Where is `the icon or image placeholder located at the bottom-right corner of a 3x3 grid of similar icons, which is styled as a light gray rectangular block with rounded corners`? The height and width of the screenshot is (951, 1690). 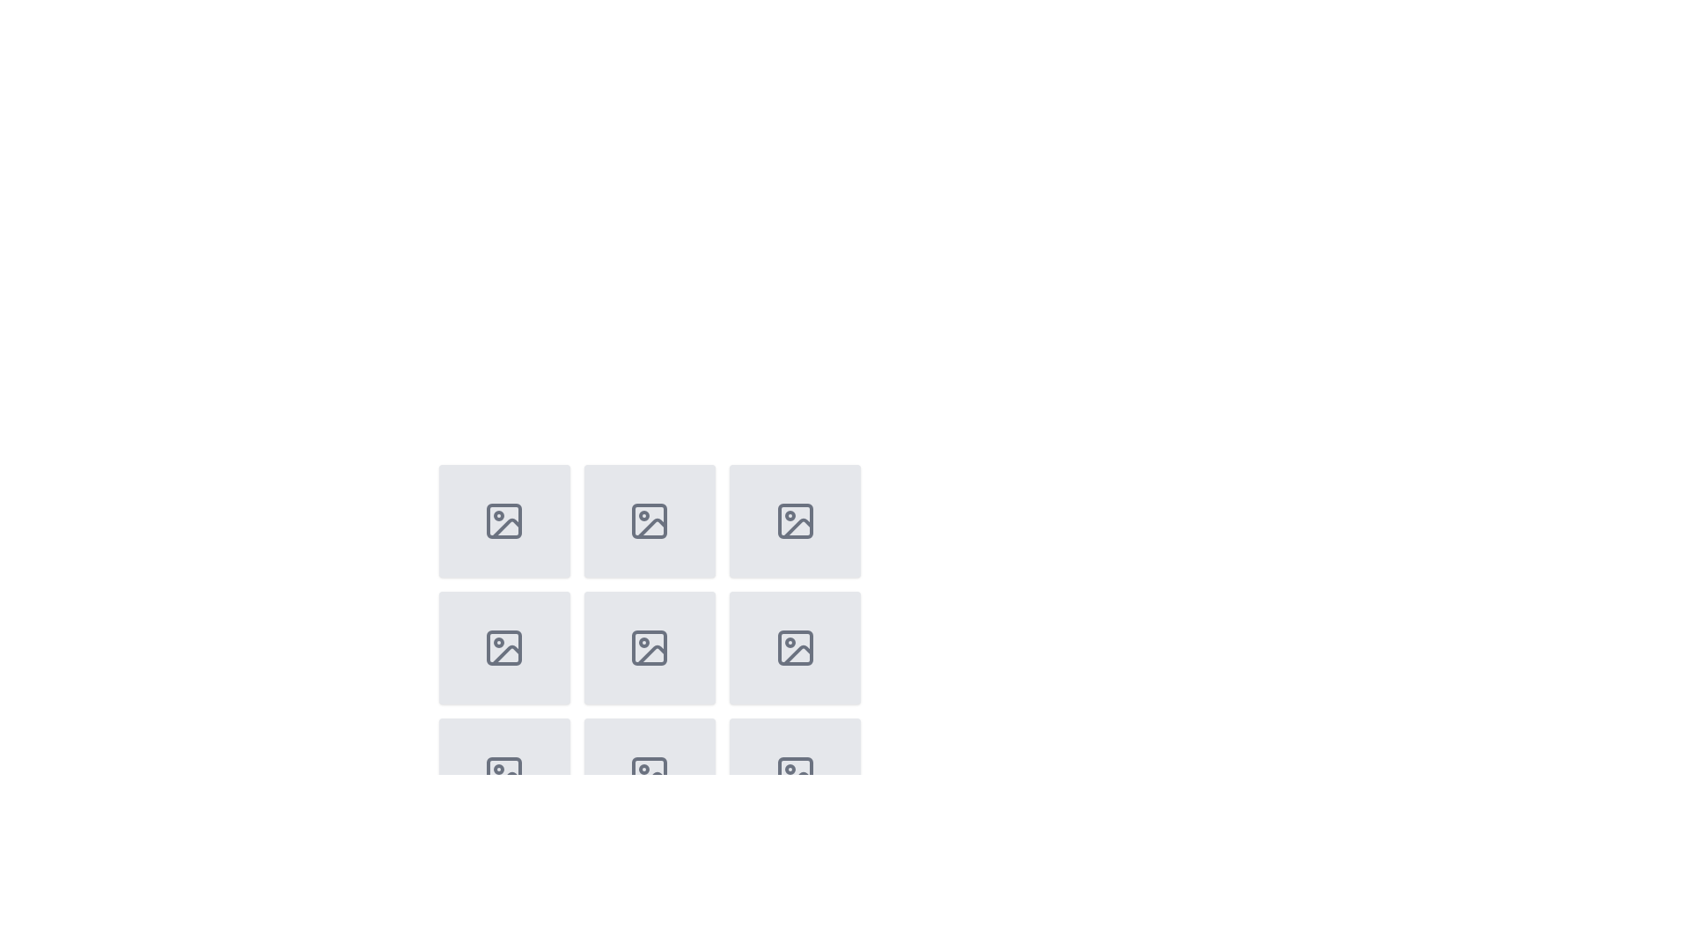
the icon or image placeholder located at the bottom-right corner of a 3x3 grid of similar icons, which is styled as a light gray rectangular block with rounded corners is located at coordinates (794, 773).